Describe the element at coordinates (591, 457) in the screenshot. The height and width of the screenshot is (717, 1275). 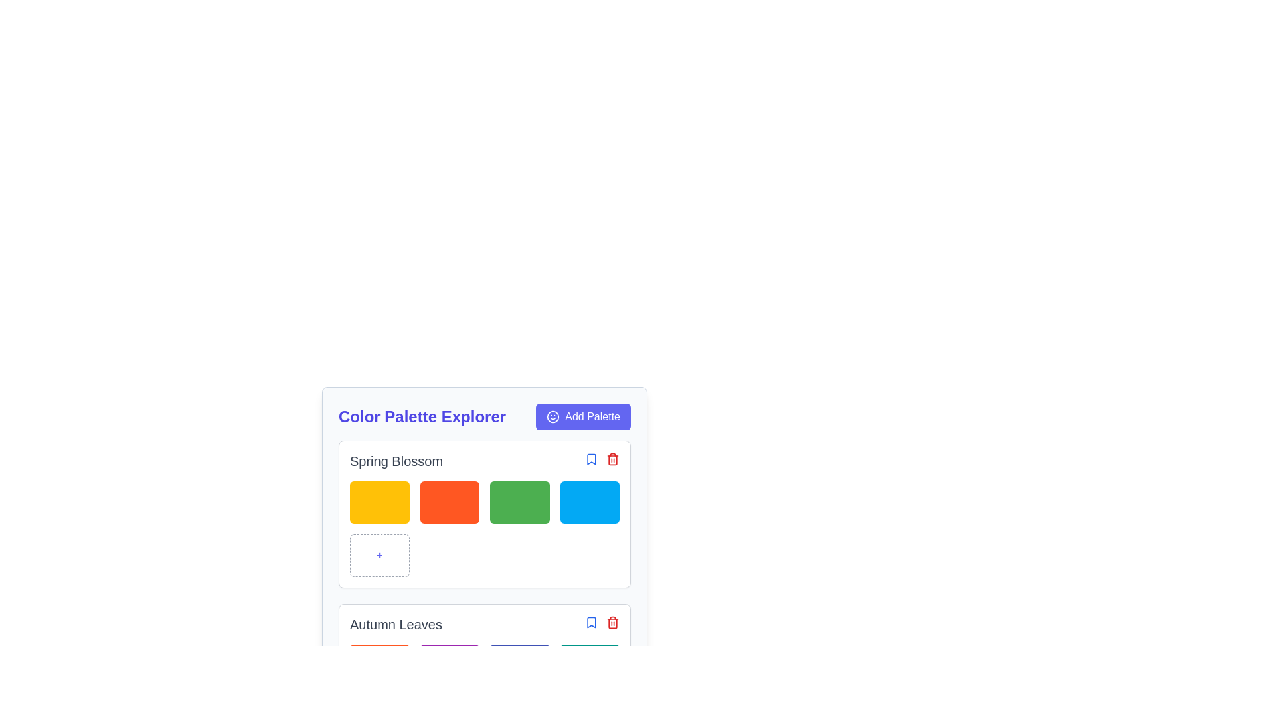
I see `the bookmark-like icon represented by an outlined SVG graphic` at that location.